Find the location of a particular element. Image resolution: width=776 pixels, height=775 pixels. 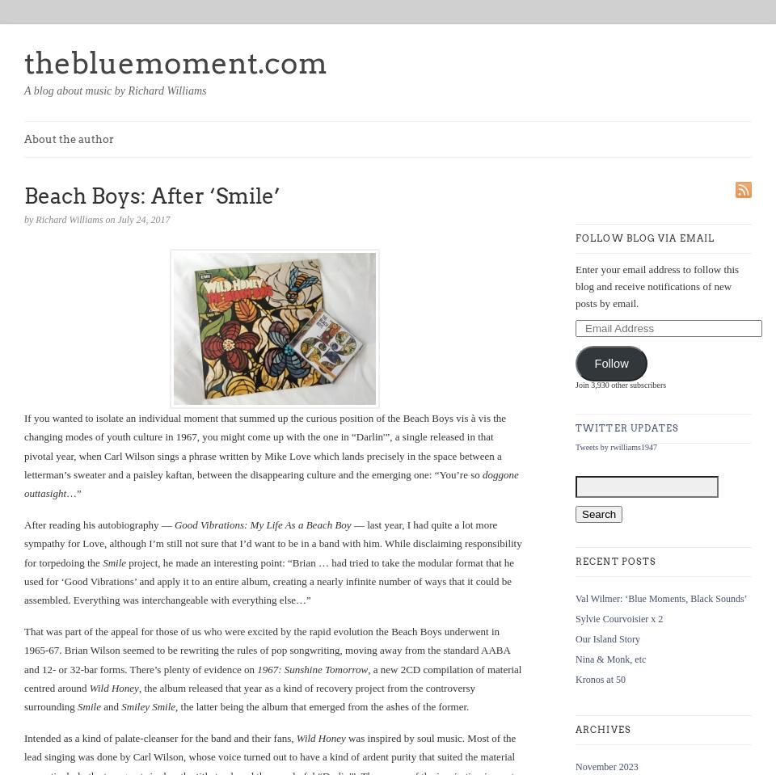

'Tweets by rwilliams1947' is located at coordinates (576, 445).